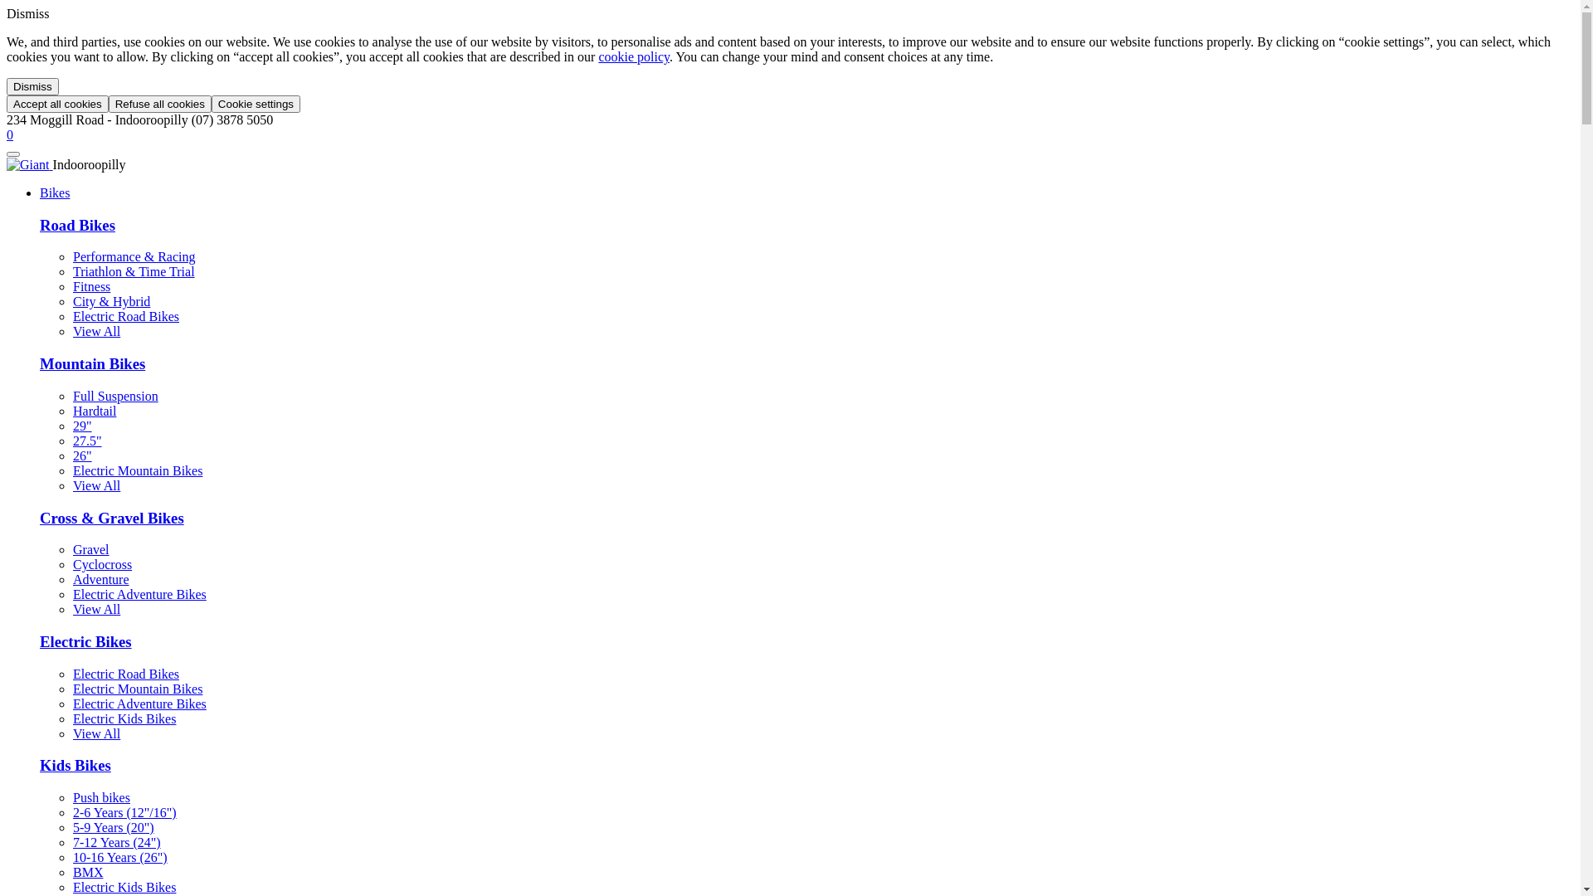 The height and width of the screenshot is (896, 1593). I want to click on 'Adventure', so click(100, 578).